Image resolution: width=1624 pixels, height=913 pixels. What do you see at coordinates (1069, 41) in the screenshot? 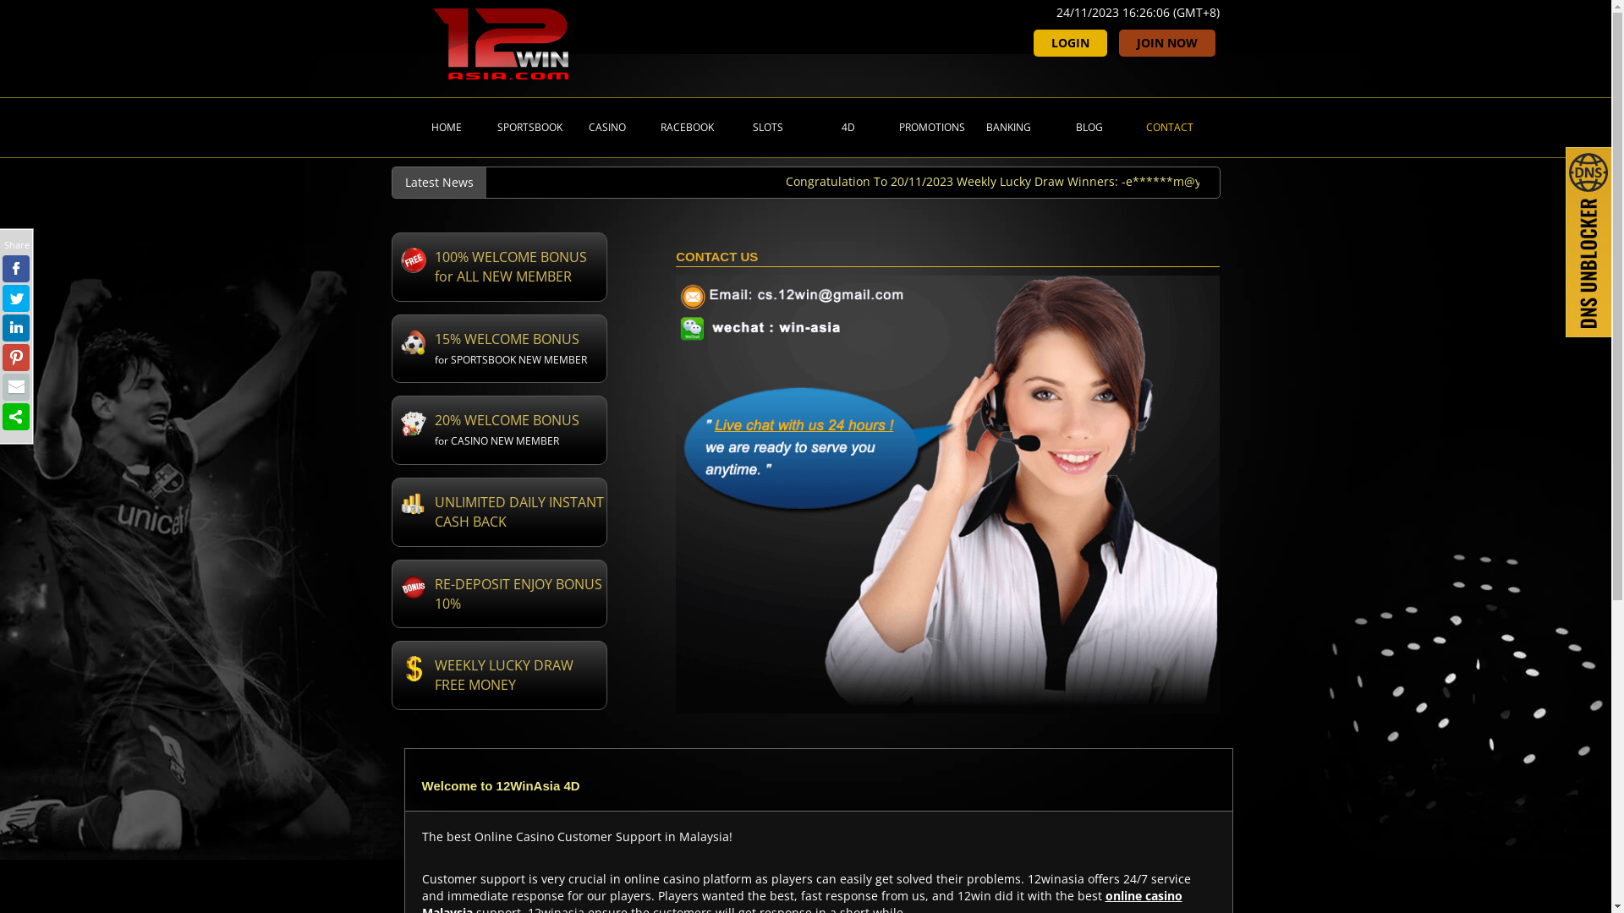
I see `'LOGIN'` at bounding box center [1069, 41].